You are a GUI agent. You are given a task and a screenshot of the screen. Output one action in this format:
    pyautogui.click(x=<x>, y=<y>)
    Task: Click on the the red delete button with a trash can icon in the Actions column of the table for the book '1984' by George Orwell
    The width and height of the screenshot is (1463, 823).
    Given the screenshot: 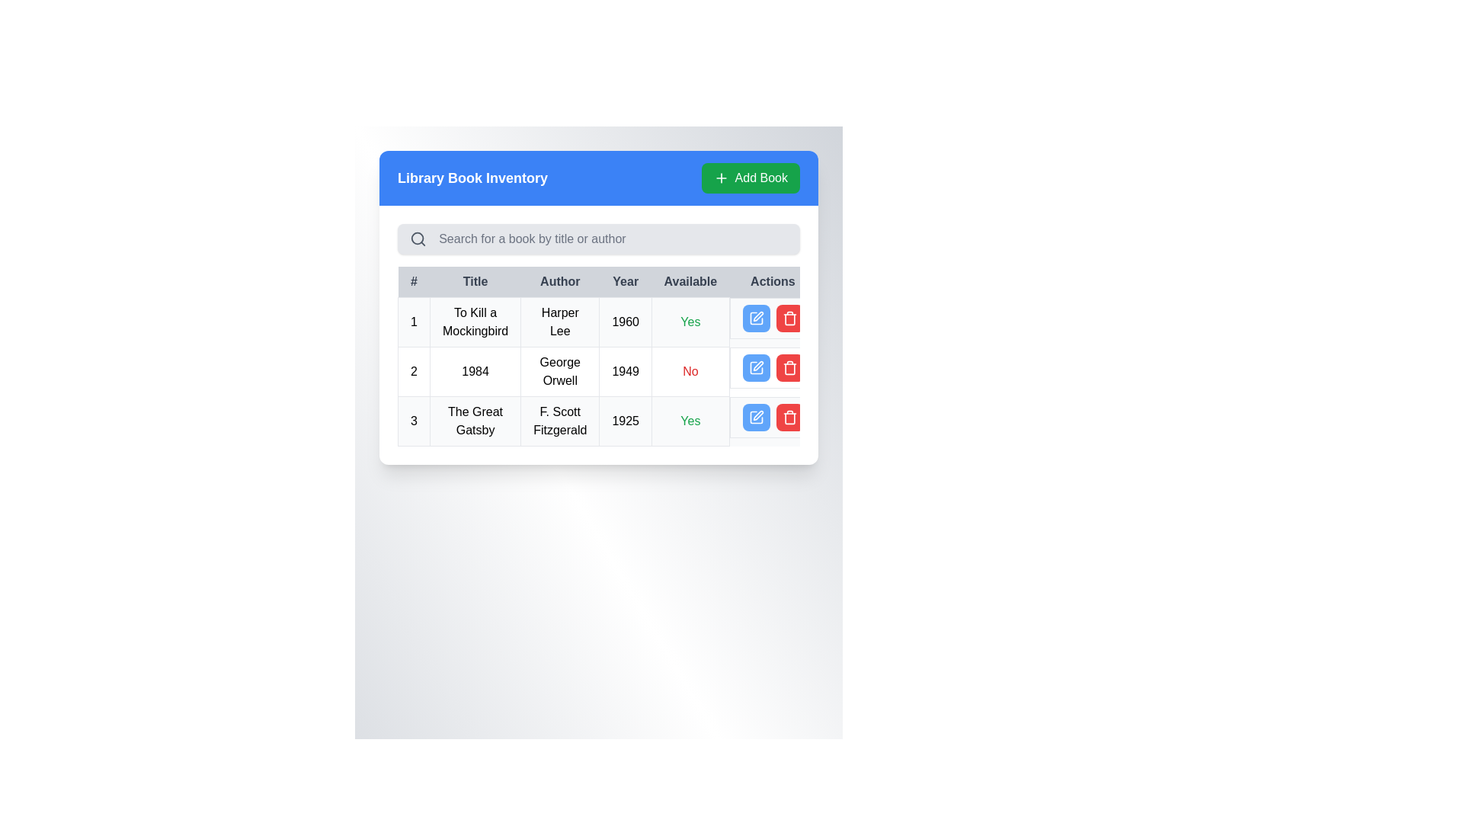 What is the action you would take?
    pyautogui.click(x=789, y=367)
    